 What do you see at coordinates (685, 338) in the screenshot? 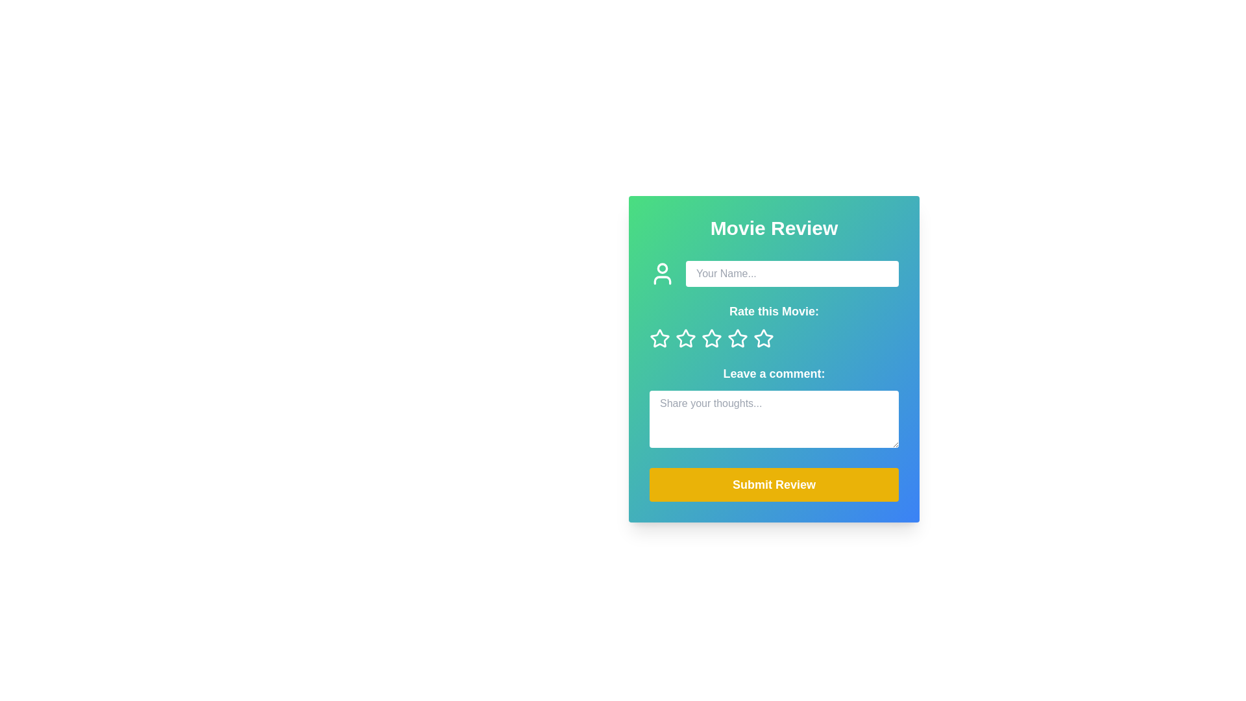
I see `the second star icon in the 'Rate this Movie' section` at bounding box center [685, 338].